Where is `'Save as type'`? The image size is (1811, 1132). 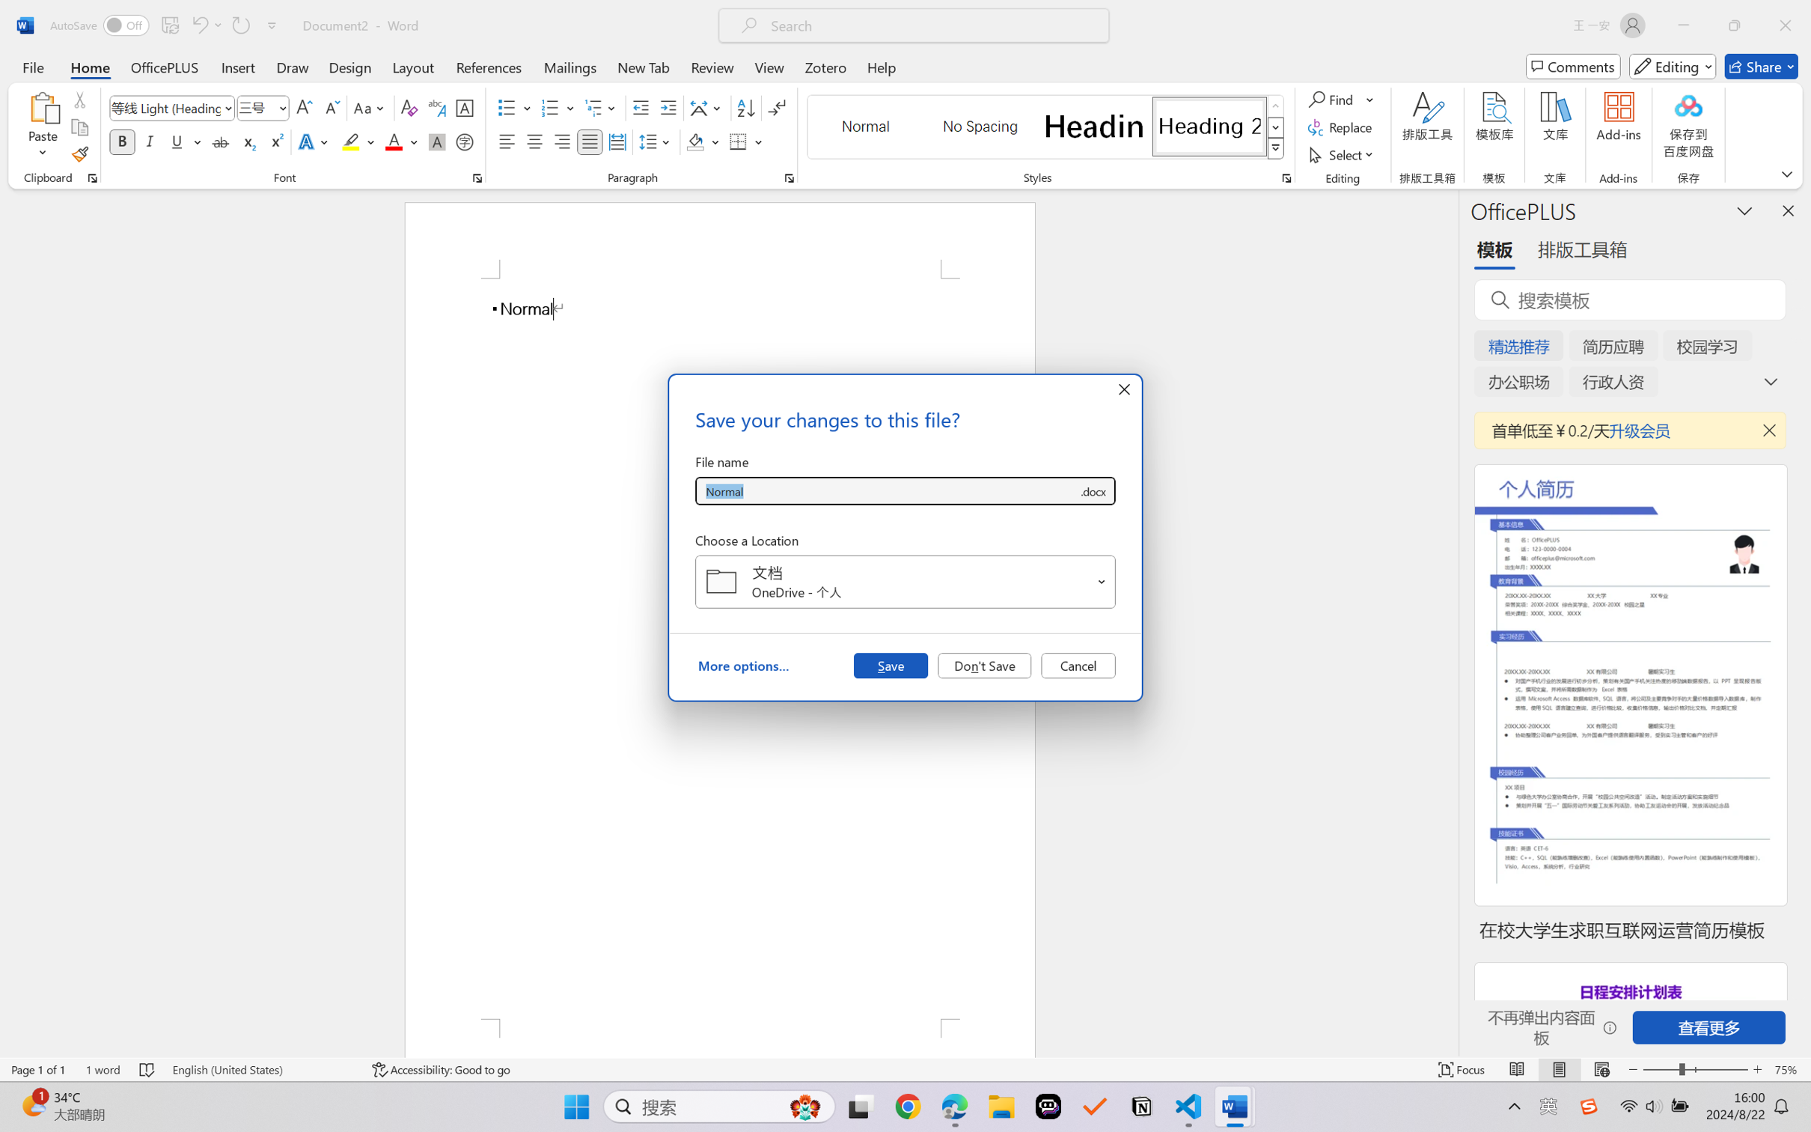 'Save as type' is located at coordinates (1092, 491).